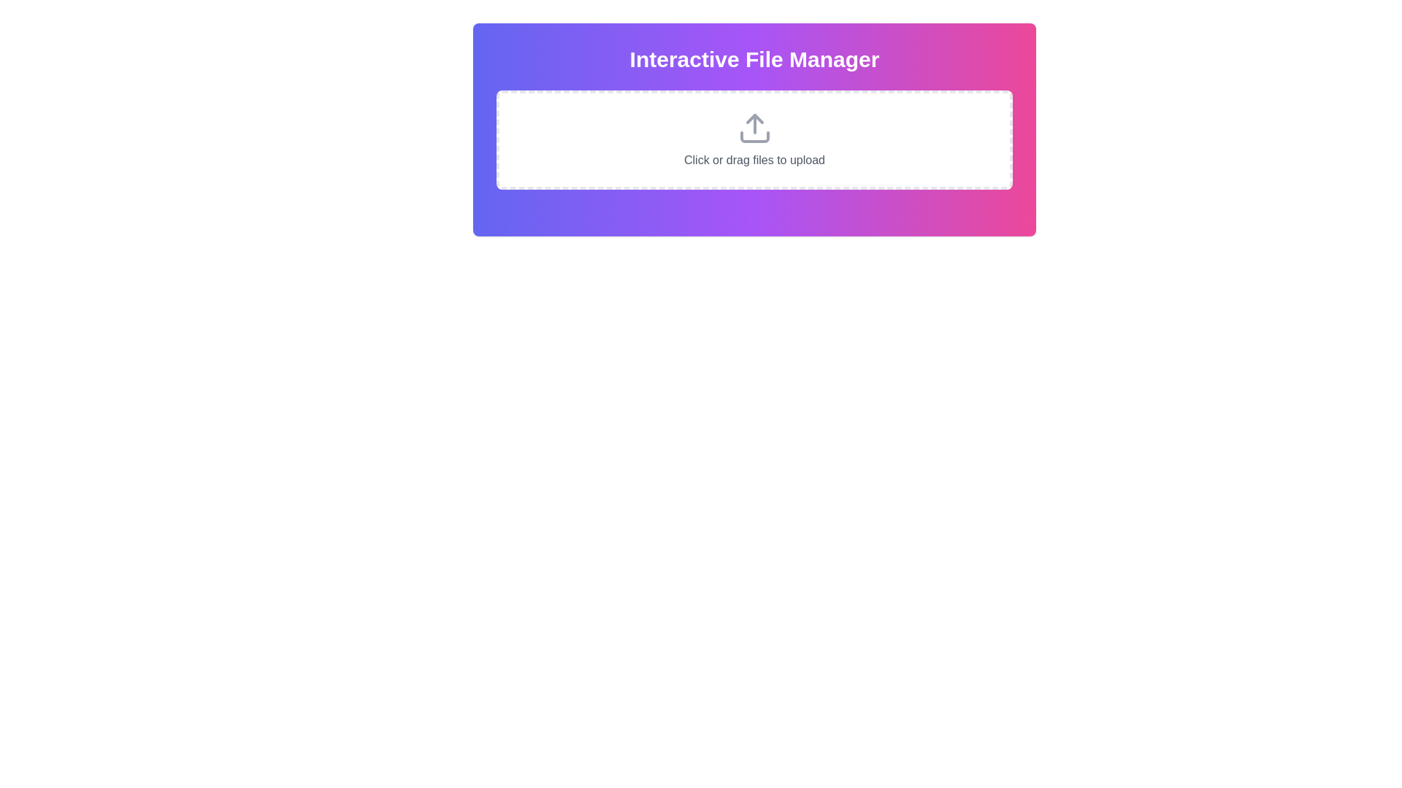  I want to click on the upload icon, which is represented by a light gray arrow pointing upwards, located in the center of the upload area above the text prompt 'Click or drag files to upload.', so click(754, 128).